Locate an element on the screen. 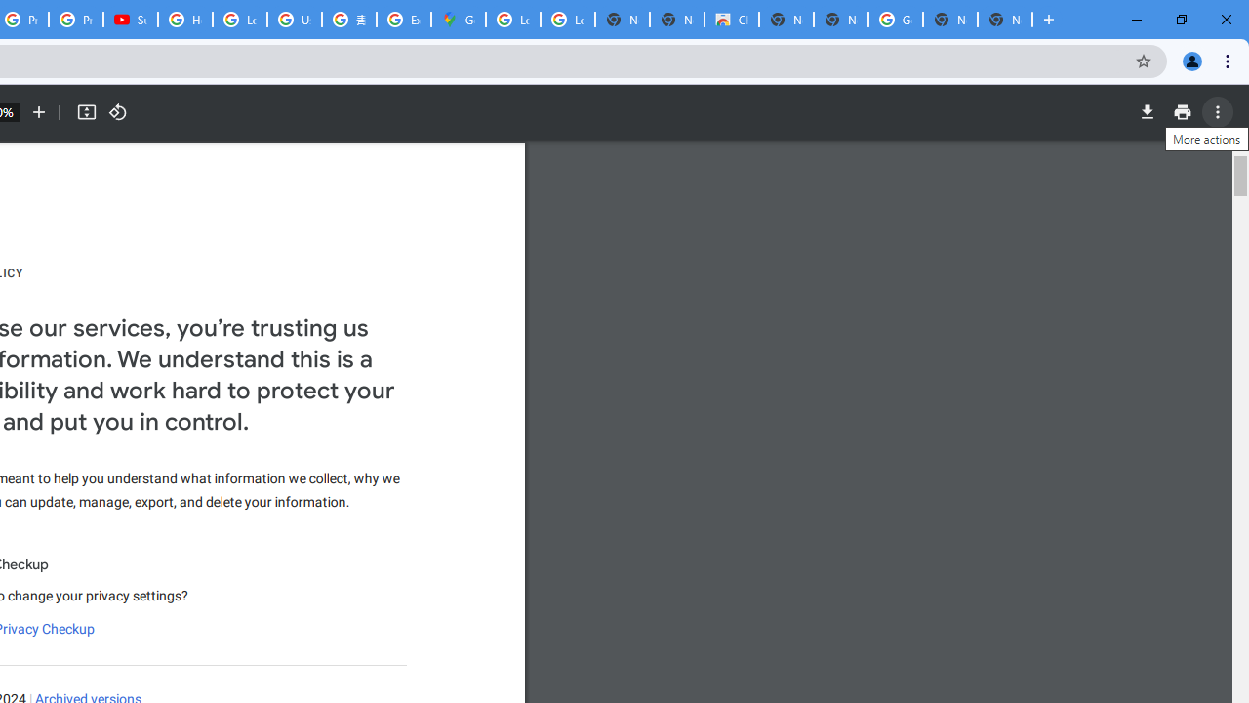  'More actions' is located at coordinates (1217, 112).